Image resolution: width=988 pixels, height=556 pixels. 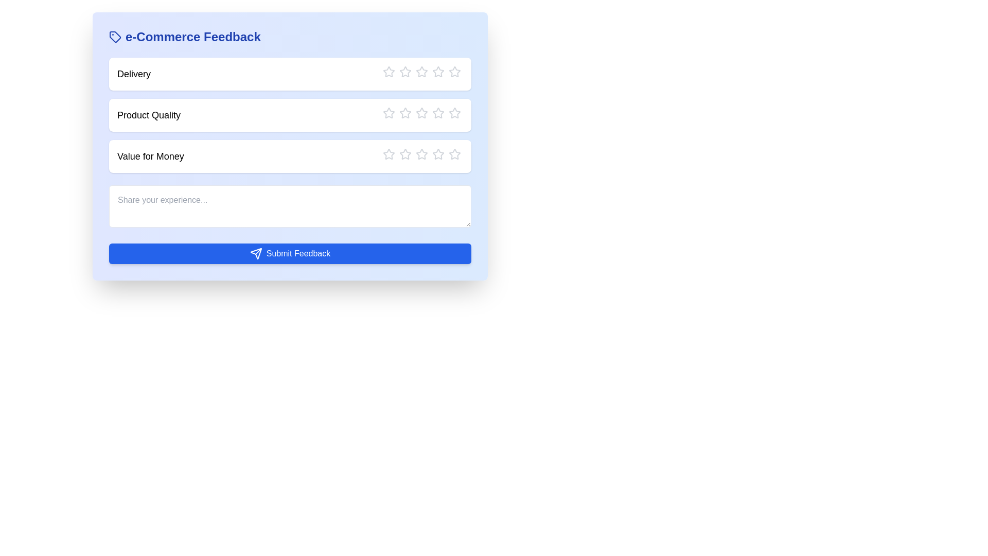 I want to click on the star corresponding to the rating 1 for the category Value for Money, so click(x=382, y=154).